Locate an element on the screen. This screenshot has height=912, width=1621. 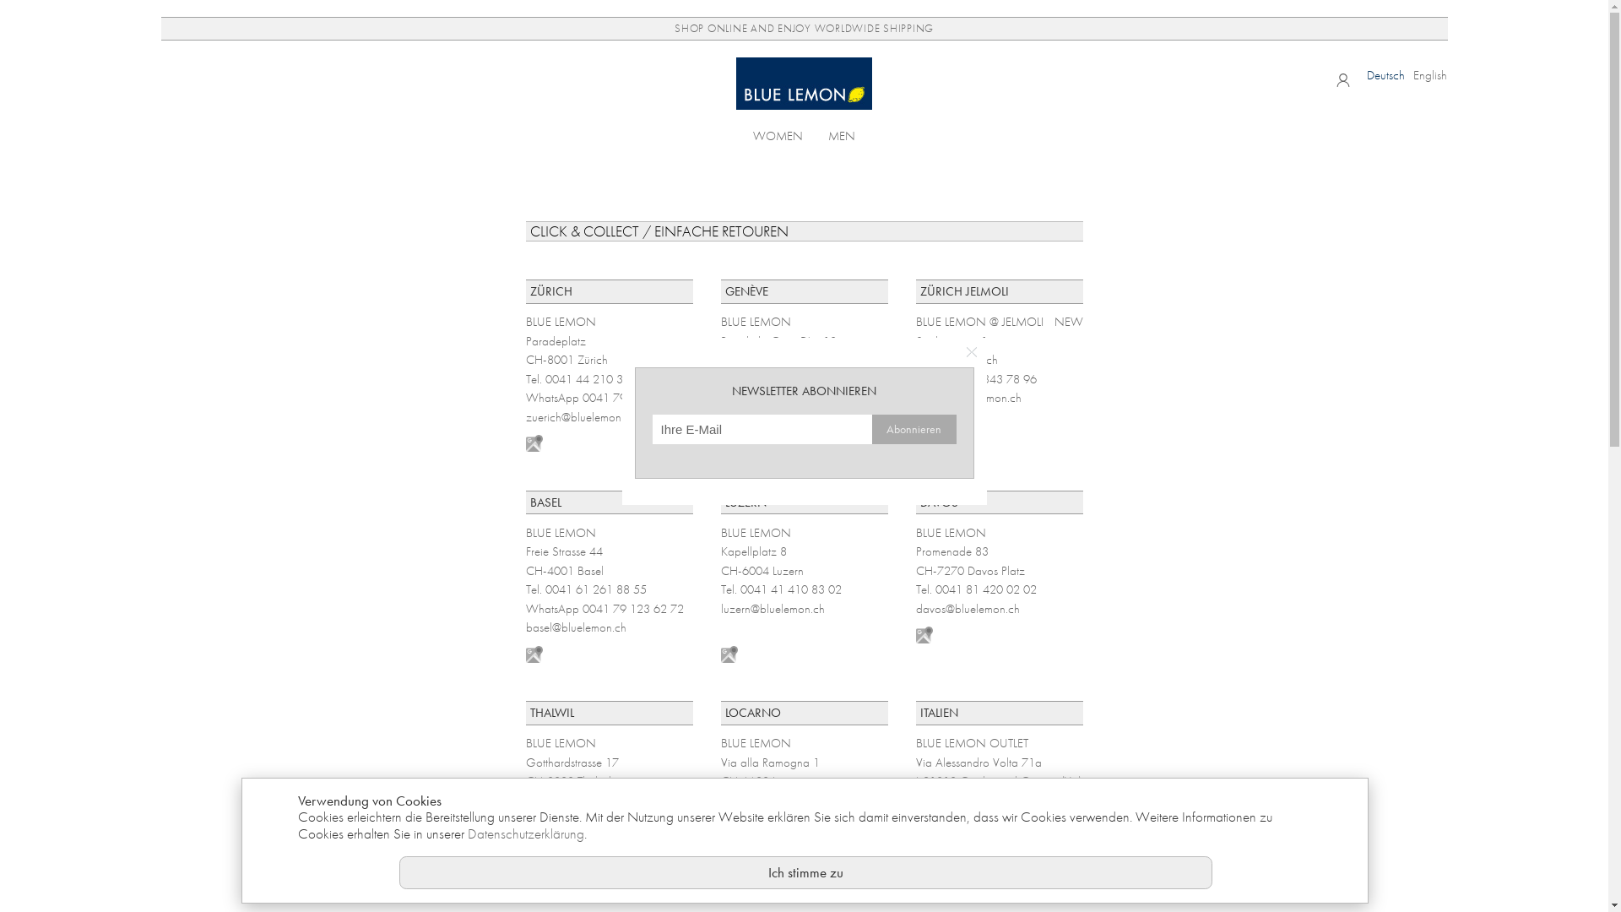
'zuerich@bluelemon.ch' is located at coordinates (579, 416).